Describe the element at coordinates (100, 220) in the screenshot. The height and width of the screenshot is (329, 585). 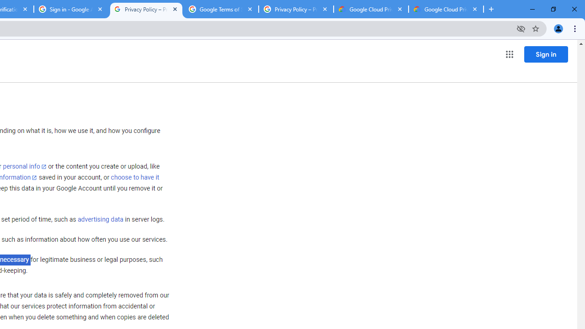
I see `'advertising data'` at that location.